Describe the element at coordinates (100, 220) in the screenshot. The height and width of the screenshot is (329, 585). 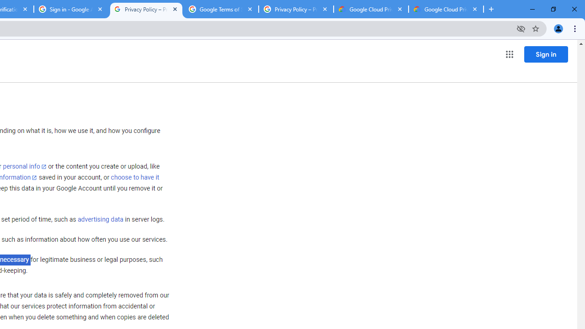
I see `'advertising data'` at that location.